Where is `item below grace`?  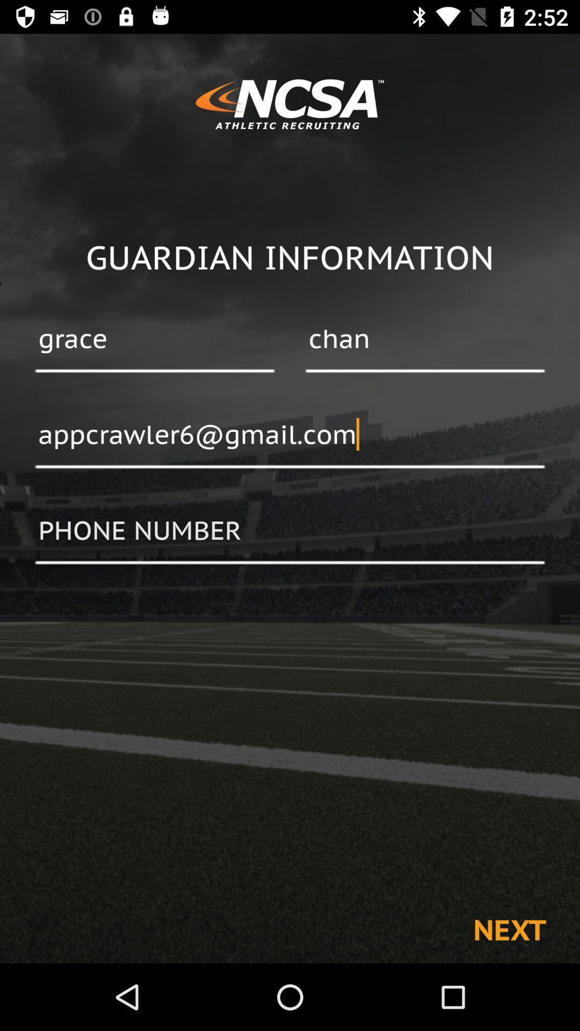 item below grace is located at coordinates (290, 435).